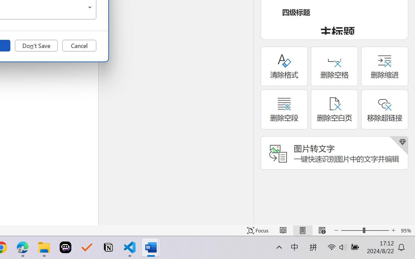 This screenshot has width=415, height=259. Describe the element at coordinates (406, 230) in the screenshot. I see `'Zoom 95%'` at that location.